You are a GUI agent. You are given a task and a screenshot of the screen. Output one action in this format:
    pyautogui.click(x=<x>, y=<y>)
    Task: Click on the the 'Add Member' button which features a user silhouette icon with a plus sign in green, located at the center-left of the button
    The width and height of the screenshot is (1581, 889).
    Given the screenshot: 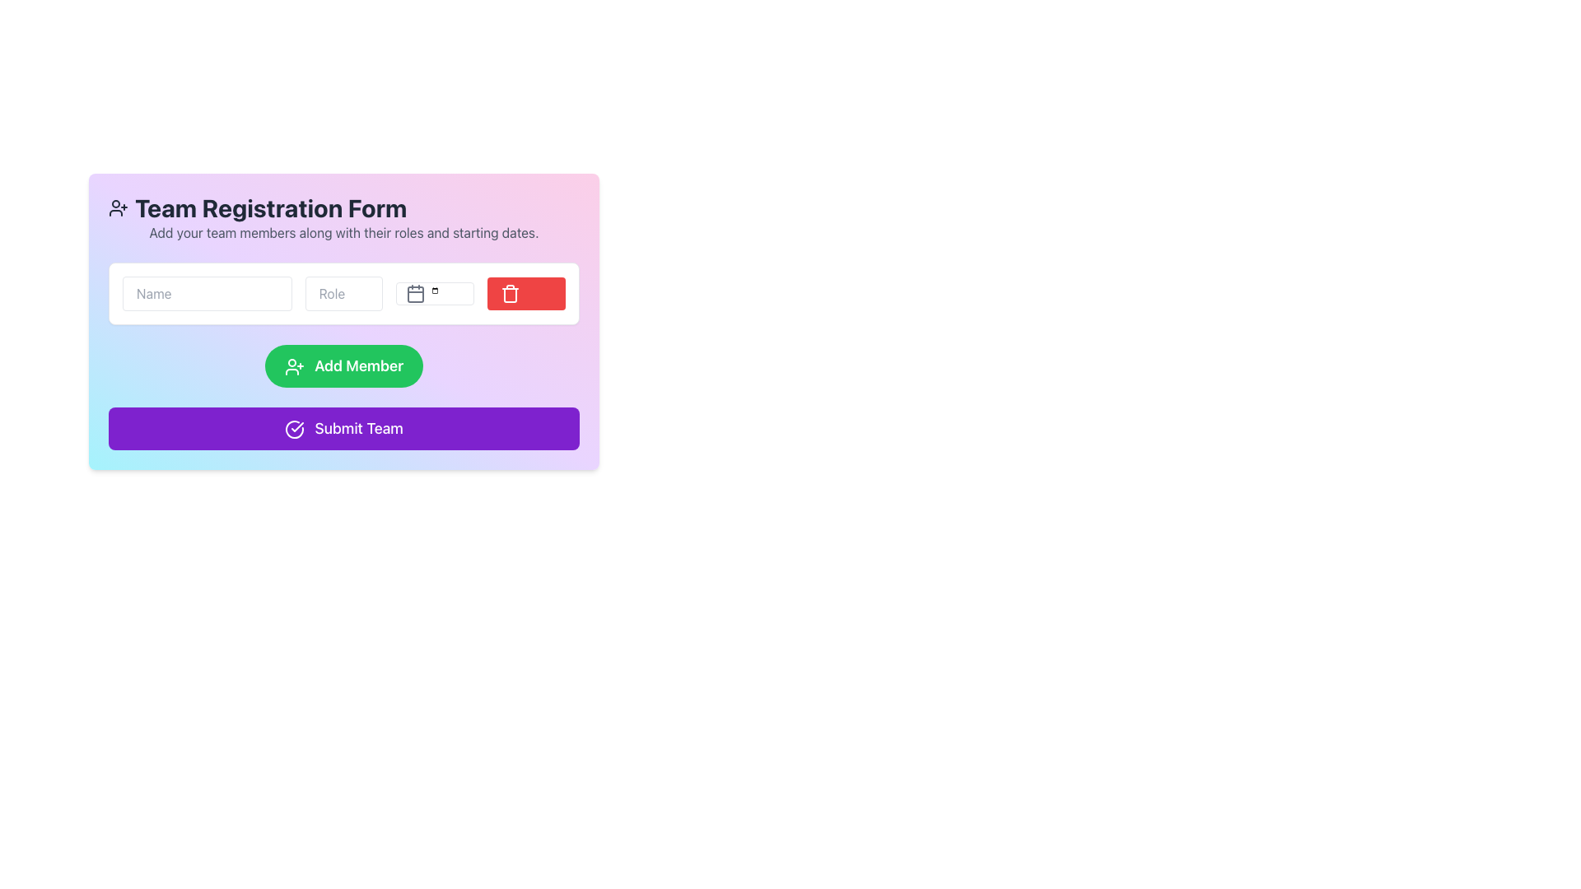 What is the action you would take?
    pyautogui.click(x=294, y=366)
    